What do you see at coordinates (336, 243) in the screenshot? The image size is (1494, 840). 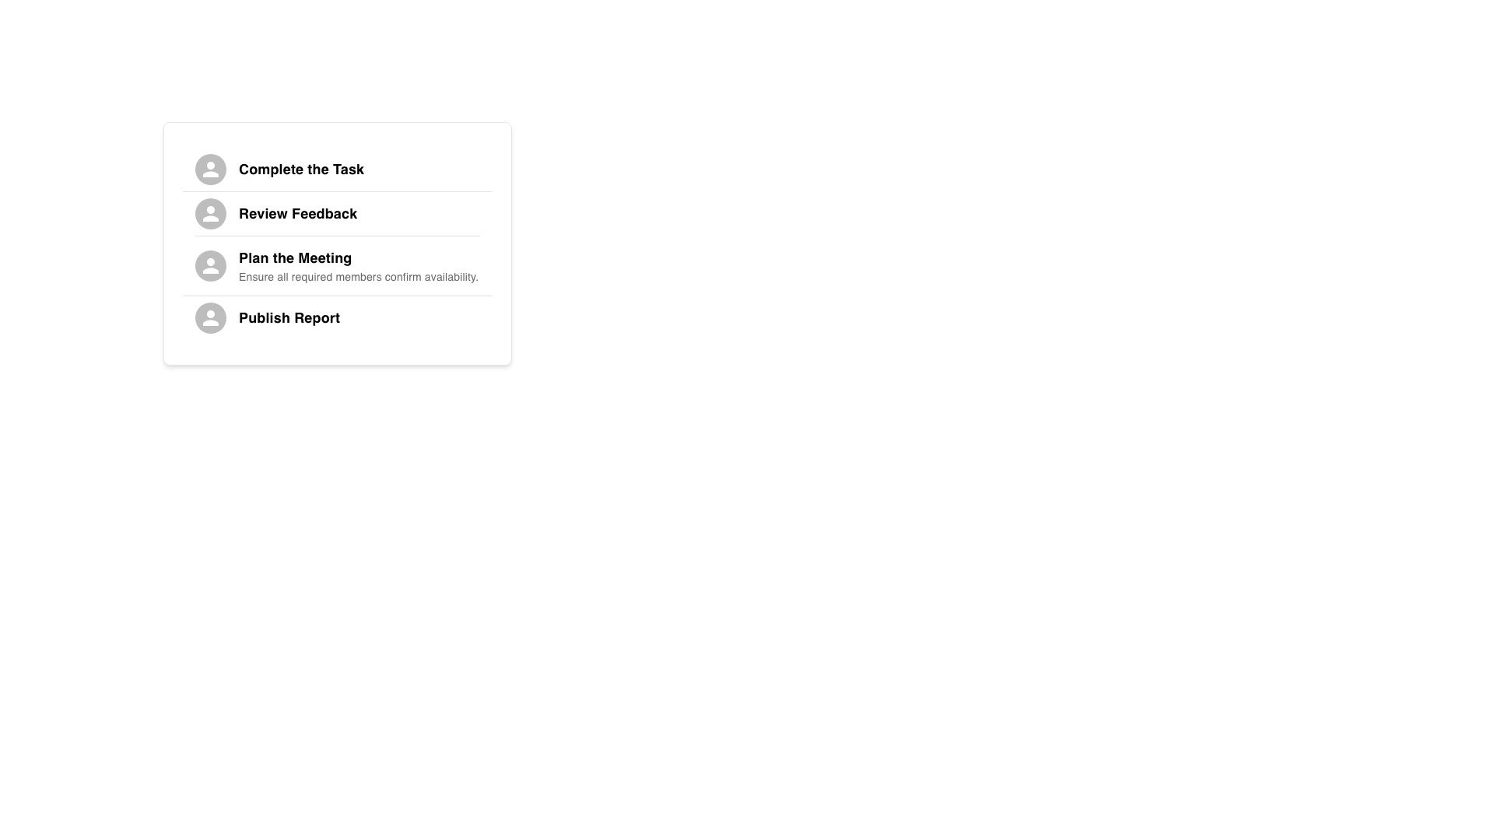 I see `the third list item displaying a main title and a detailed sub-description, which is located between the 'Review Feedback' and 'Publish Report' items` at bounding box center [336, 243].